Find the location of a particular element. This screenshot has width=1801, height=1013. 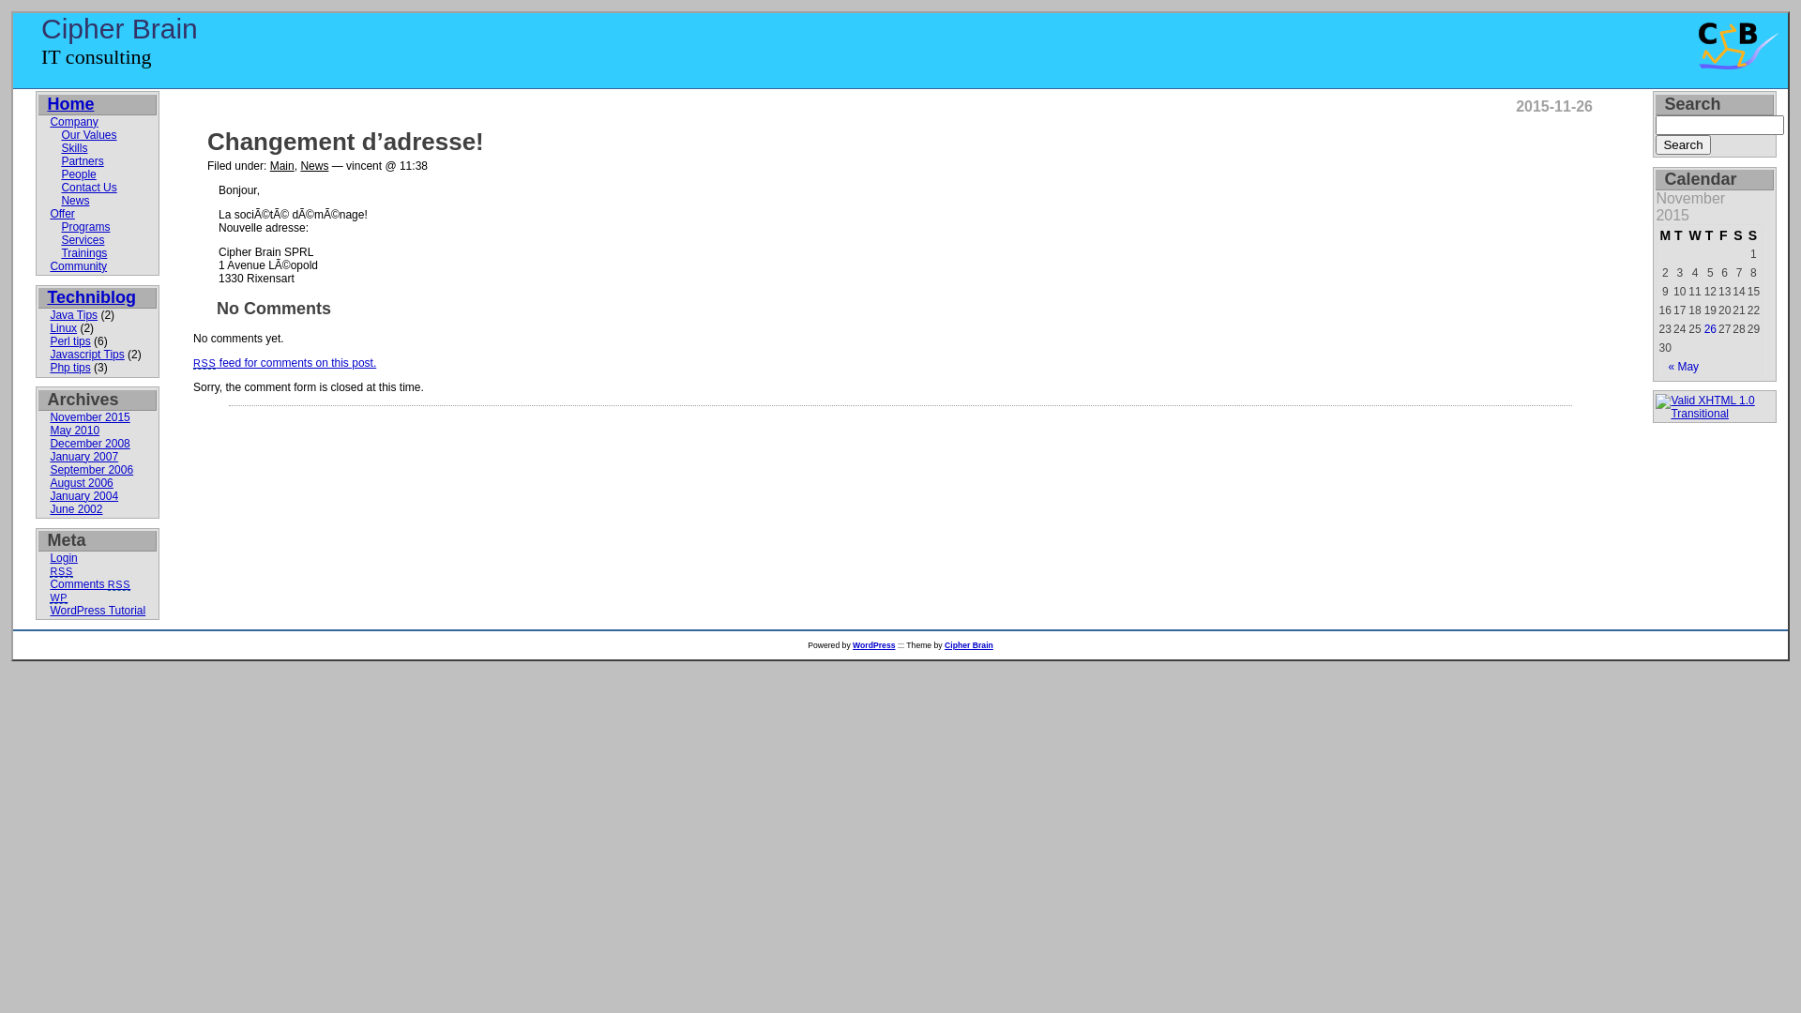

'Comments RSS' is located at coordinates (89, 583).